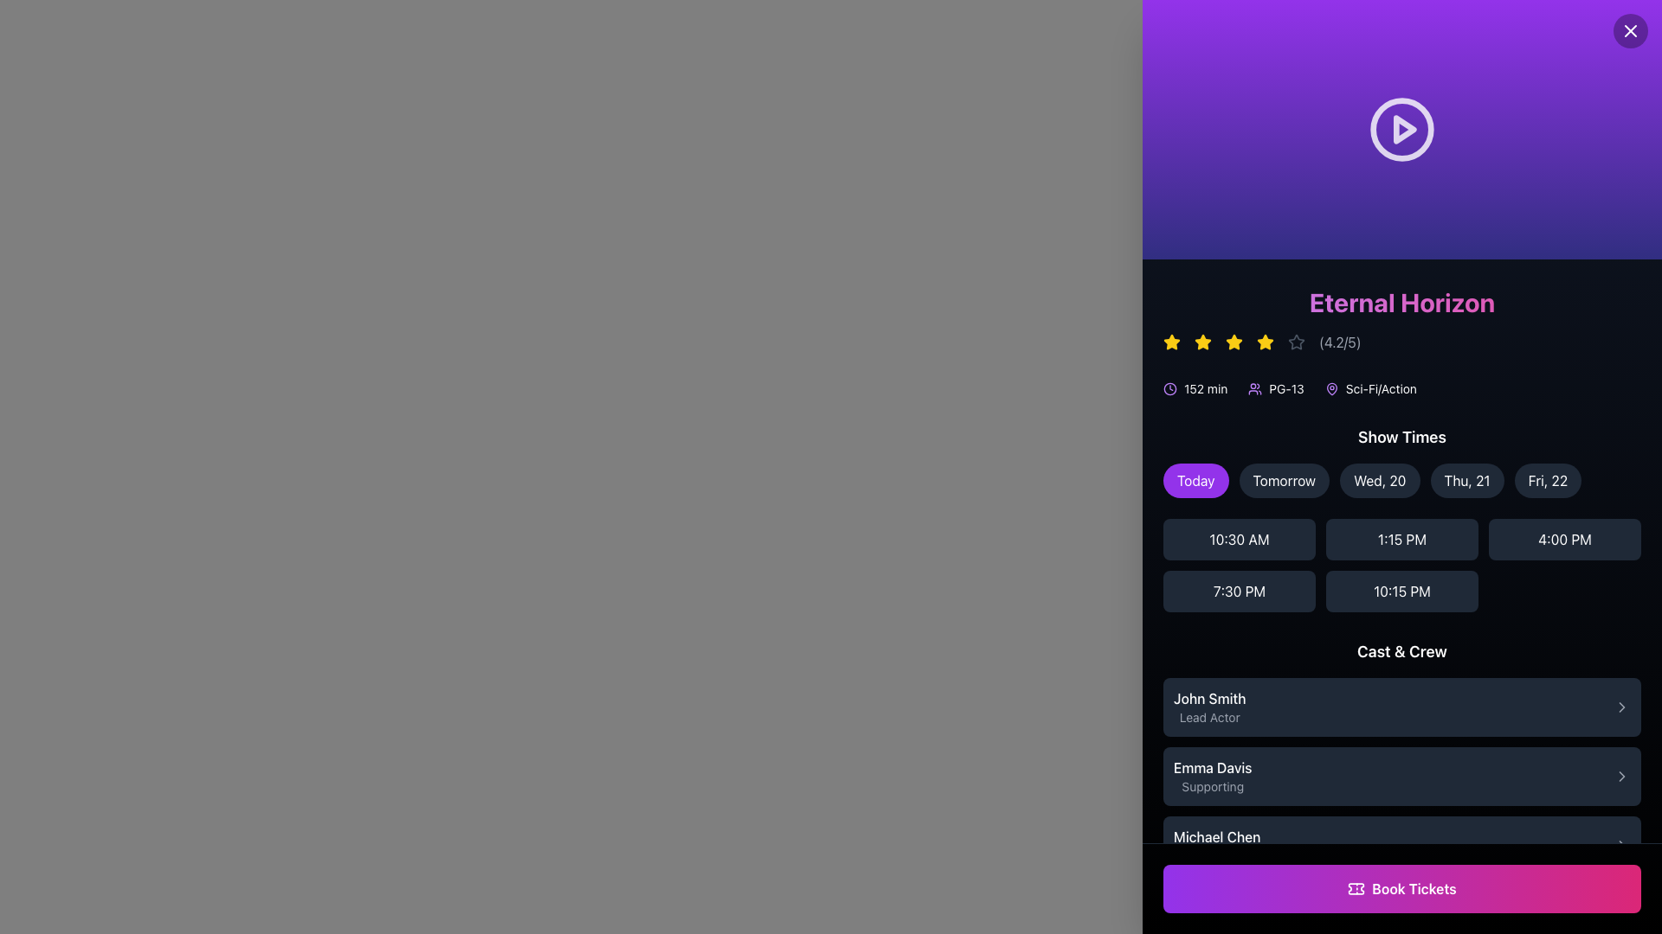  I want to click on the 'Lead Actor' text label located below 'John Smith' in the 'Cast & Crew' section of the first cast member card, so click(1208, 717).